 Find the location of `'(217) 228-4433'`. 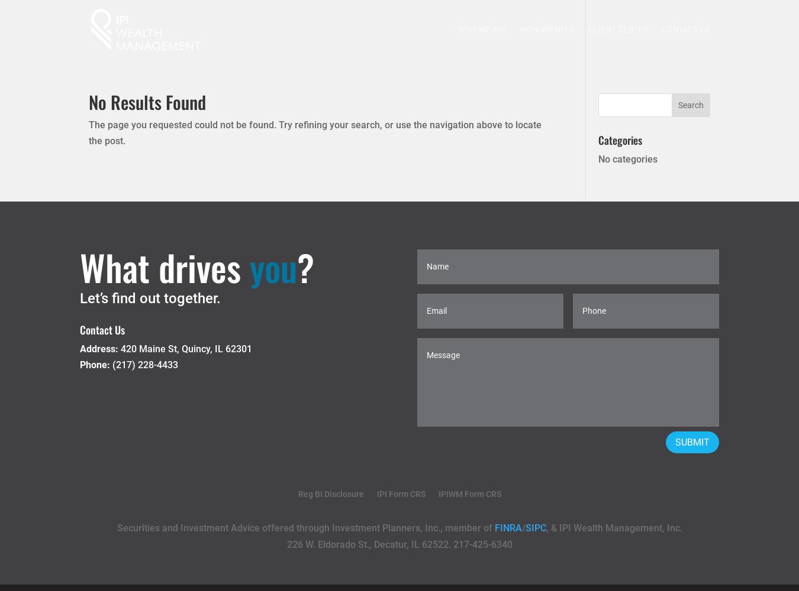

'(217) 228-4433' is located at coordinates (144, 364).